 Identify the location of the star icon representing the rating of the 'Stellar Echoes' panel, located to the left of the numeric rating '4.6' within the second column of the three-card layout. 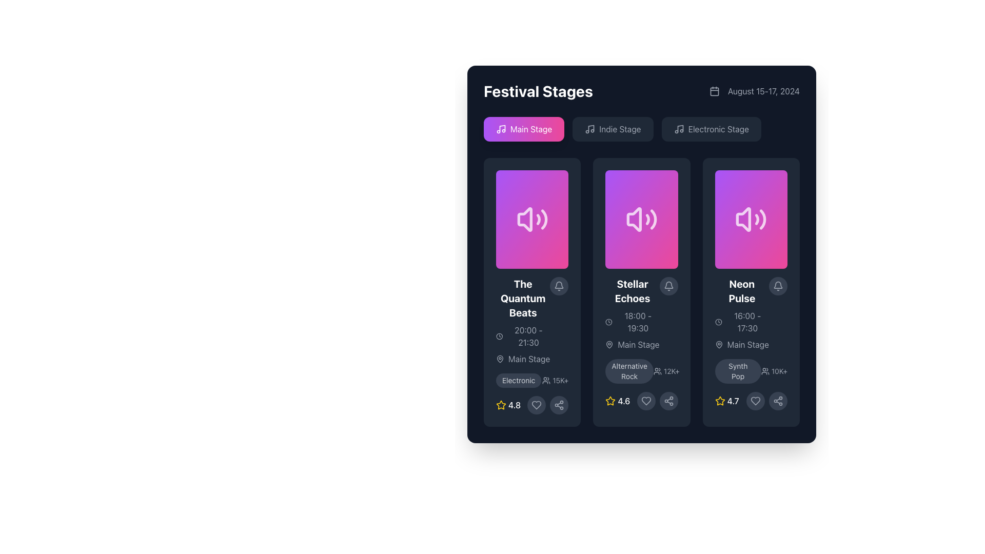
(610, 401).